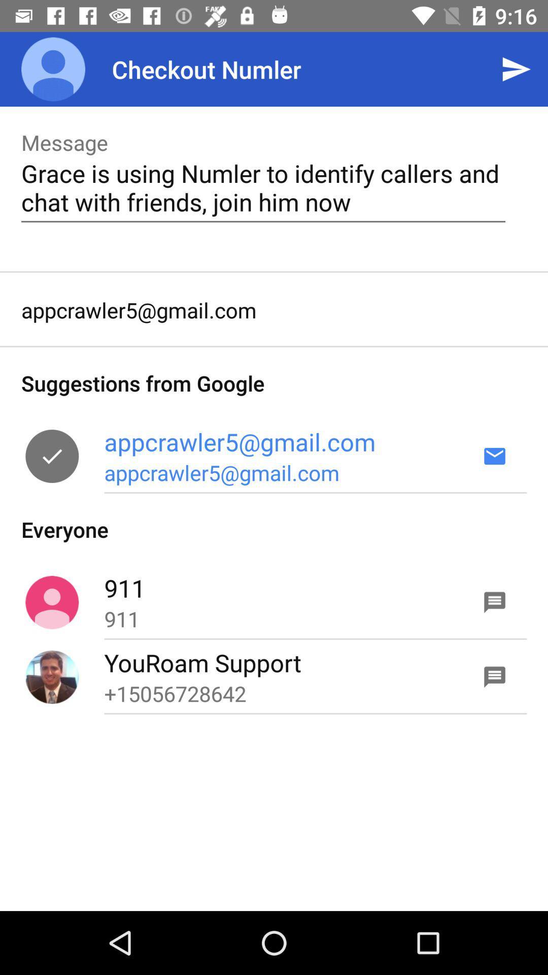 Image resolution: width=548 pixels, height=975 pixels. What do you see at coordinates (53, 69) in the screenshot?
I see `the item next to checkout numler item` at bounding box center [53, 69].